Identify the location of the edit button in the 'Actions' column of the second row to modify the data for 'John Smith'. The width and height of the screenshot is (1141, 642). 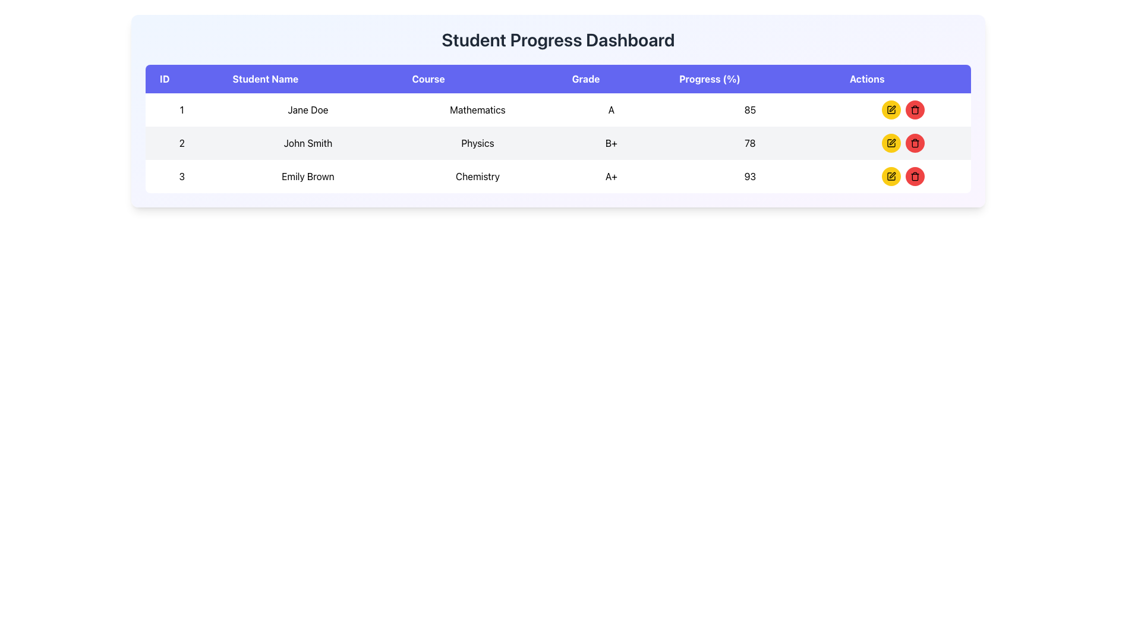
(890, 142).